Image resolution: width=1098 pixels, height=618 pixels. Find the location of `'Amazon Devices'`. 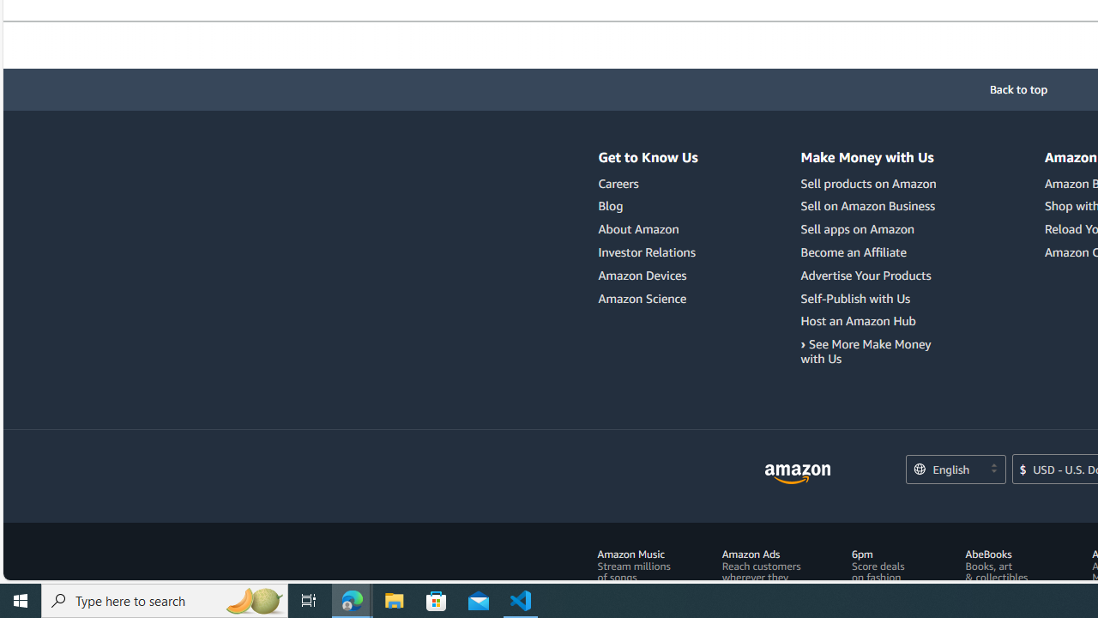

'Amazon Devices' is located at coordinates (642, 274).